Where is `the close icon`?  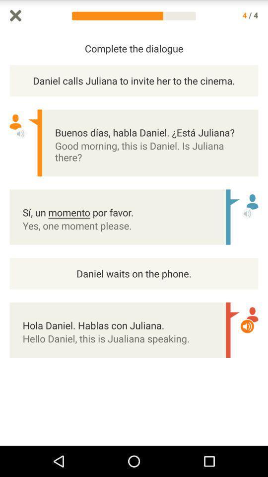
the close icon is located at coordinates (15, 16).